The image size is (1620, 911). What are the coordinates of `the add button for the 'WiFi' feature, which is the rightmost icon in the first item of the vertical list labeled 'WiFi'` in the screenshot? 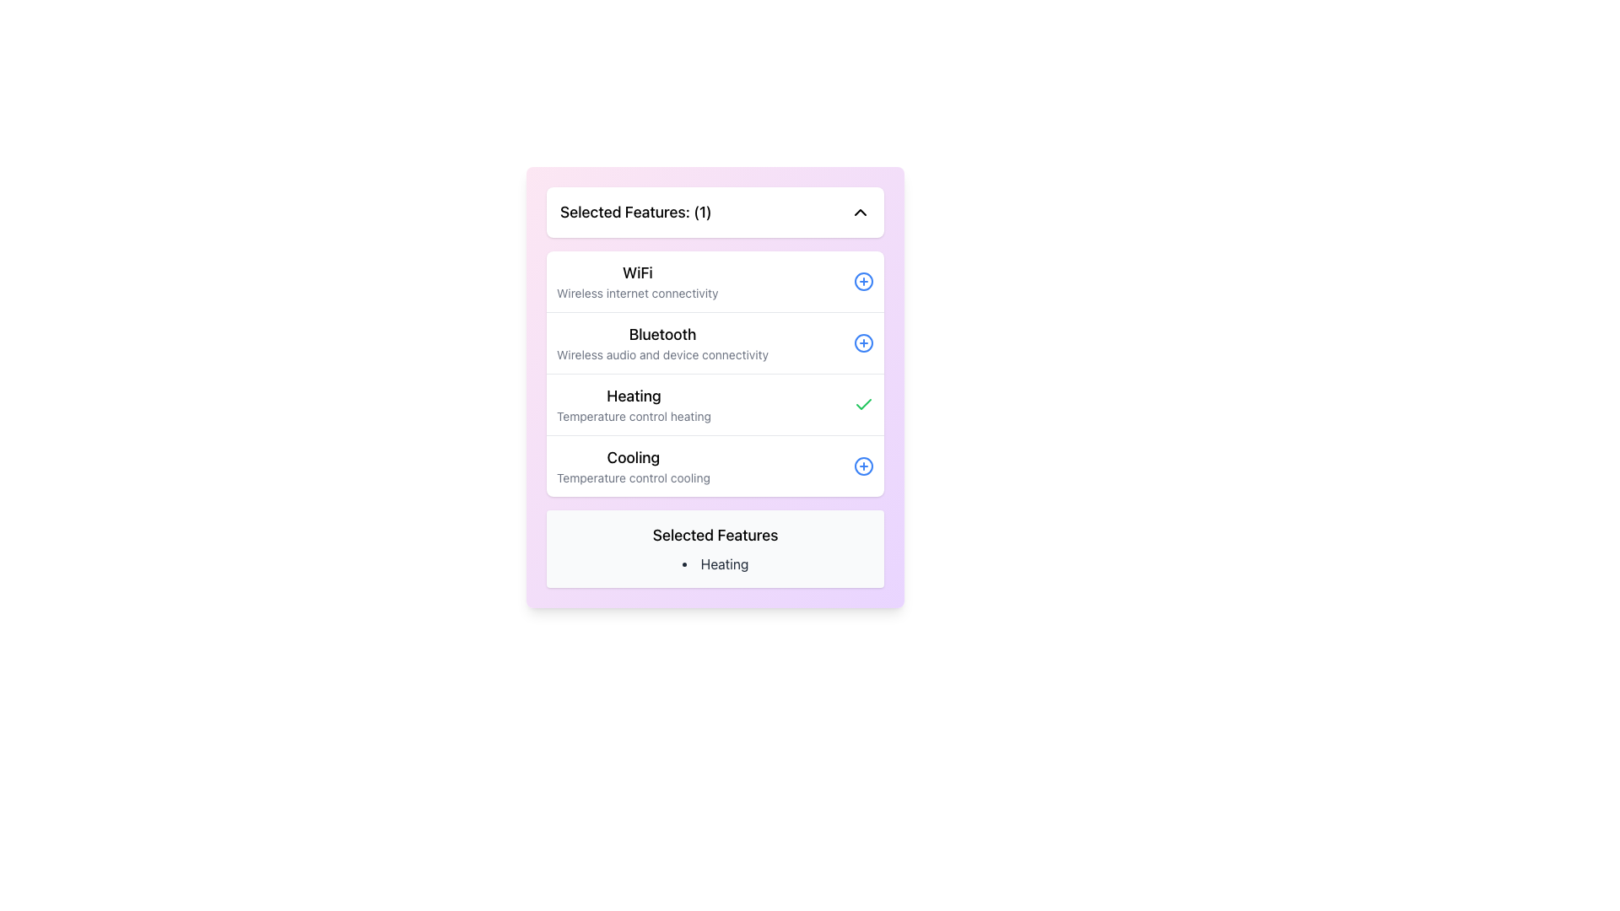 It's located at (863, 281).